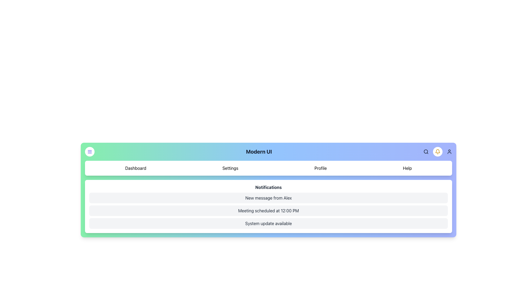 The image size is (510, 287). What do you see at coordinates (269, 187) in the screenshot?
I see `the Text Label that serves as the header for the notifications section, positioned beneath the header navigation bar` at bounding box center [269, 187].